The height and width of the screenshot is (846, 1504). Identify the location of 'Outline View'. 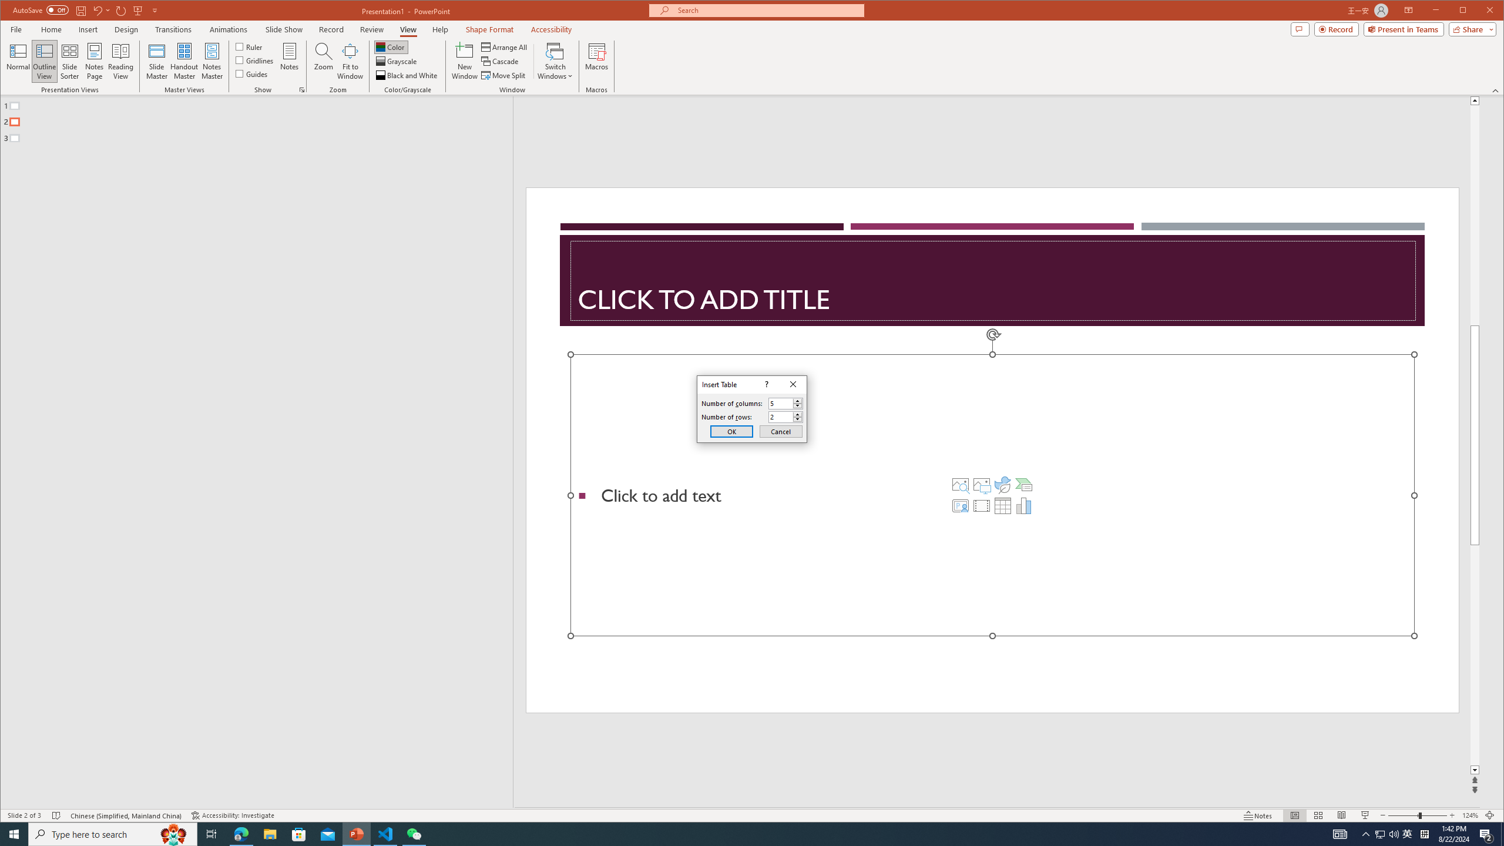
(43, 61).